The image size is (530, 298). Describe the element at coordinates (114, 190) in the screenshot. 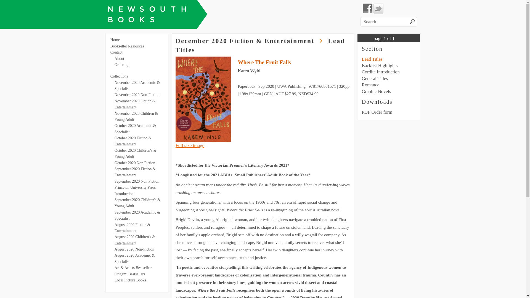

I see `'Princeton University Press Introduction'` at that location.